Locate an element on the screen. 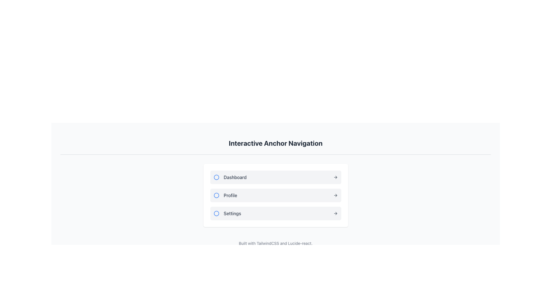  the arrow icon pointing to the right, located on the far-right side of the 'Profile' box is located at coordinates (335, 195).